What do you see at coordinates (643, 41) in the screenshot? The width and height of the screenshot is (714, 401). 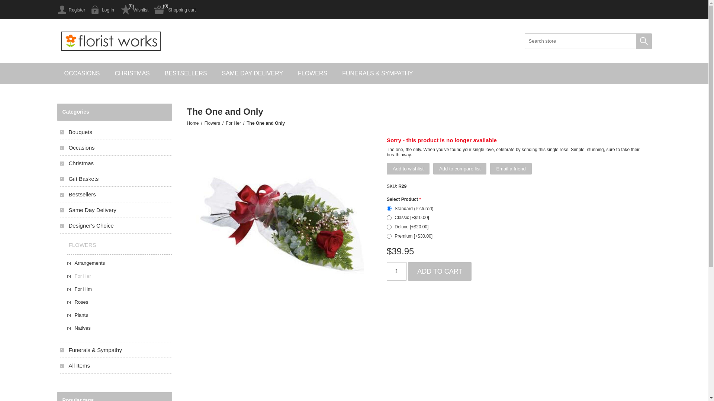 I see `'Search'` at bounding box center [643, 41].